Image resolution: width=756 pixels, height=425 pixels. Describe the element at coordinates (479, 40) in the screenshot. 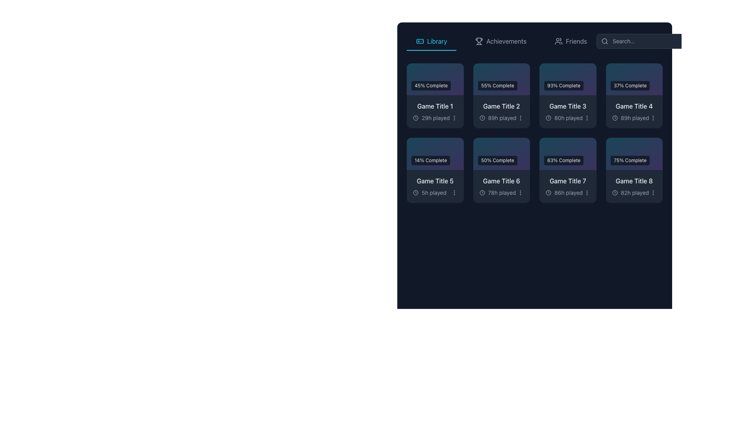

I see `the trophy icon graphic representing the 'Achievements' tab in the top navigation bar` at that location.